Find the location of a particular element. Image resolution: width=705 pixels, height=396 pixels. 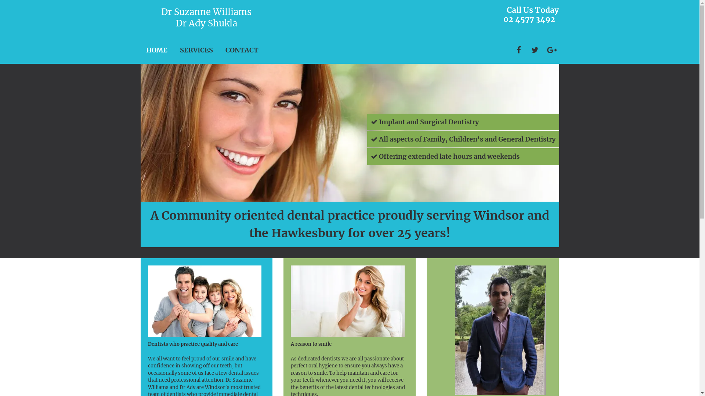

'02 4577 3492' is located at coordinates (529, 19).